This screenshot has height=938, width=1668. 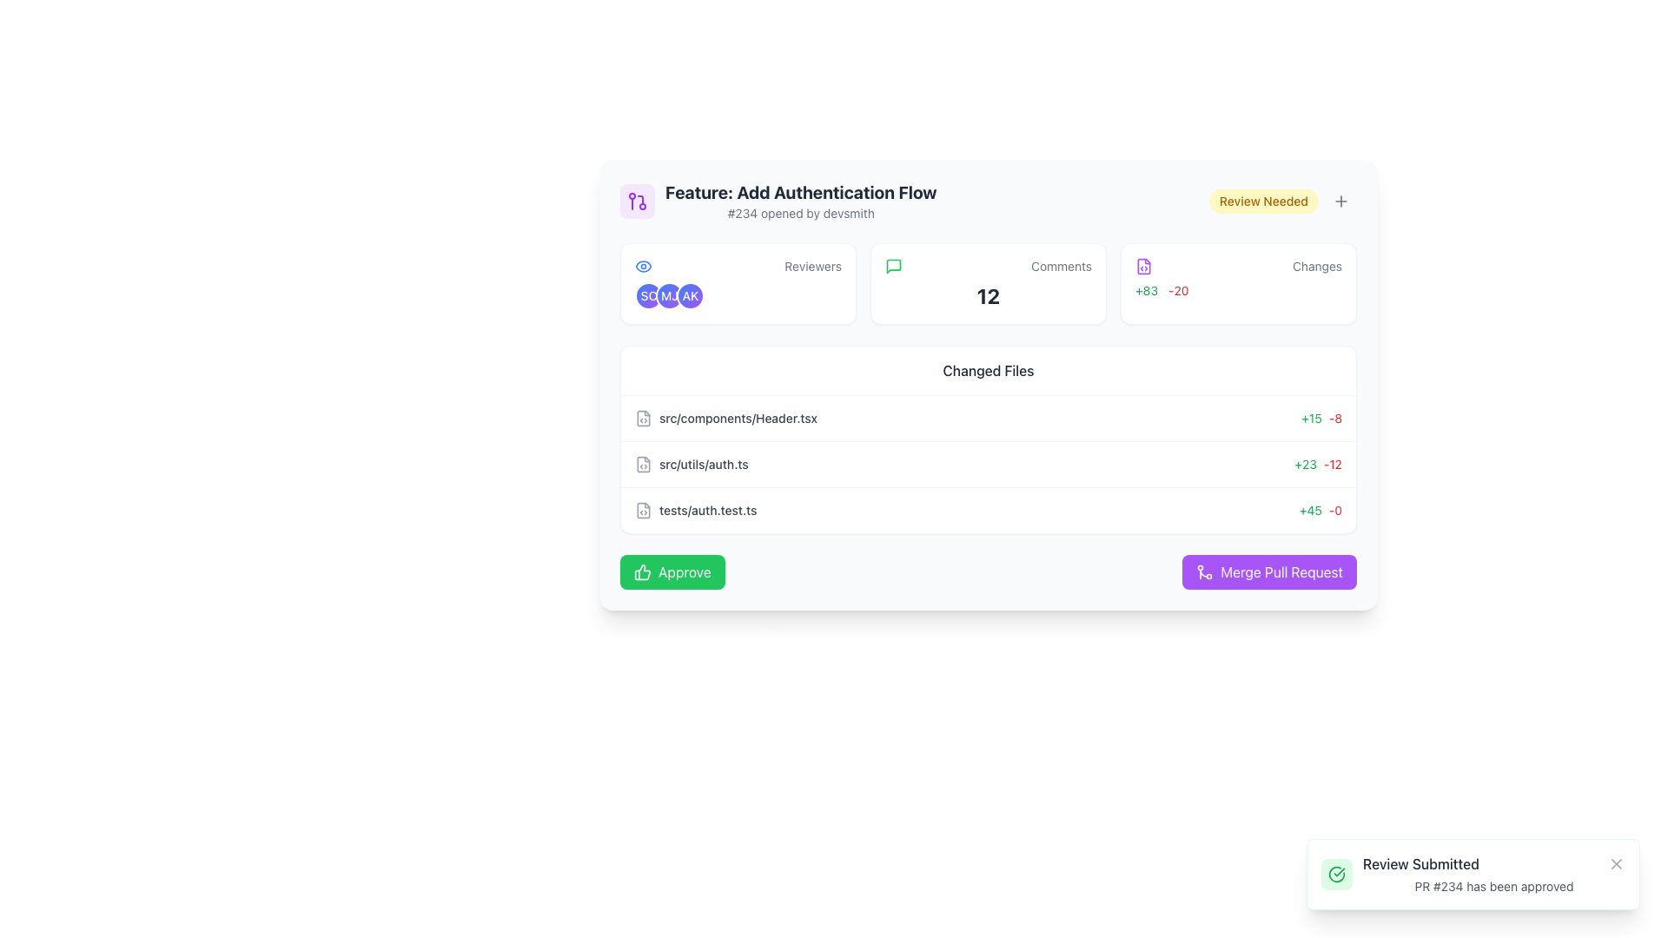 I want to click on notification text of the Alert notification displaying 'Review Submitted' and 'PR #234 has been approved', so click(x=1493, y=874).